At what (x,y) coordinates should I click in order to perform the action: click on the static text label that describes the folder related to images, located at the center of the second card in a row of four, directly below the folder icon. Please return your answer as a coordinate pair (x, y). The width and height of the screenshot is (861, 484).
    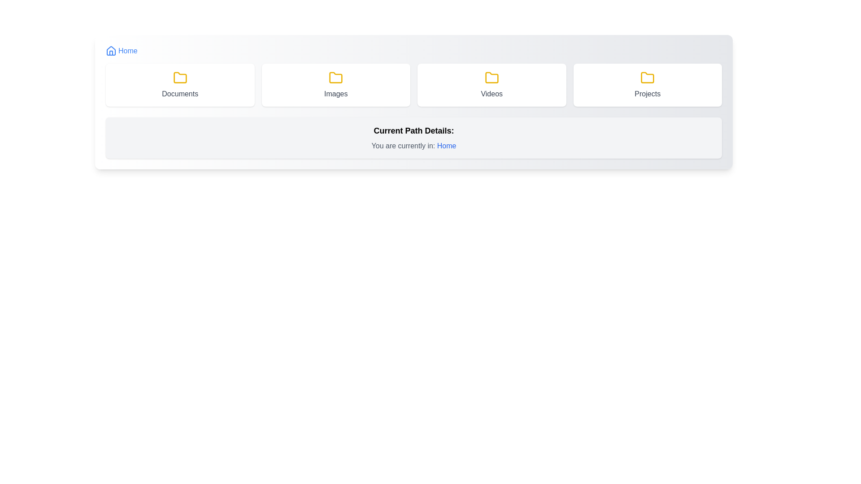
    Looking at the image, I should click on (335, 94).